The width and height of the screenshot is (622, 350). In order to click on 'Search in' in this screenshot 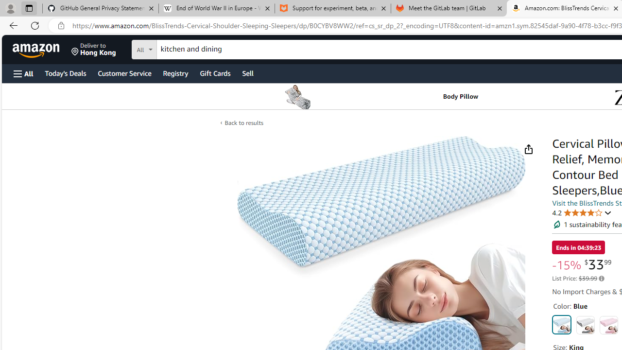, I will do `click(180, 48)`.